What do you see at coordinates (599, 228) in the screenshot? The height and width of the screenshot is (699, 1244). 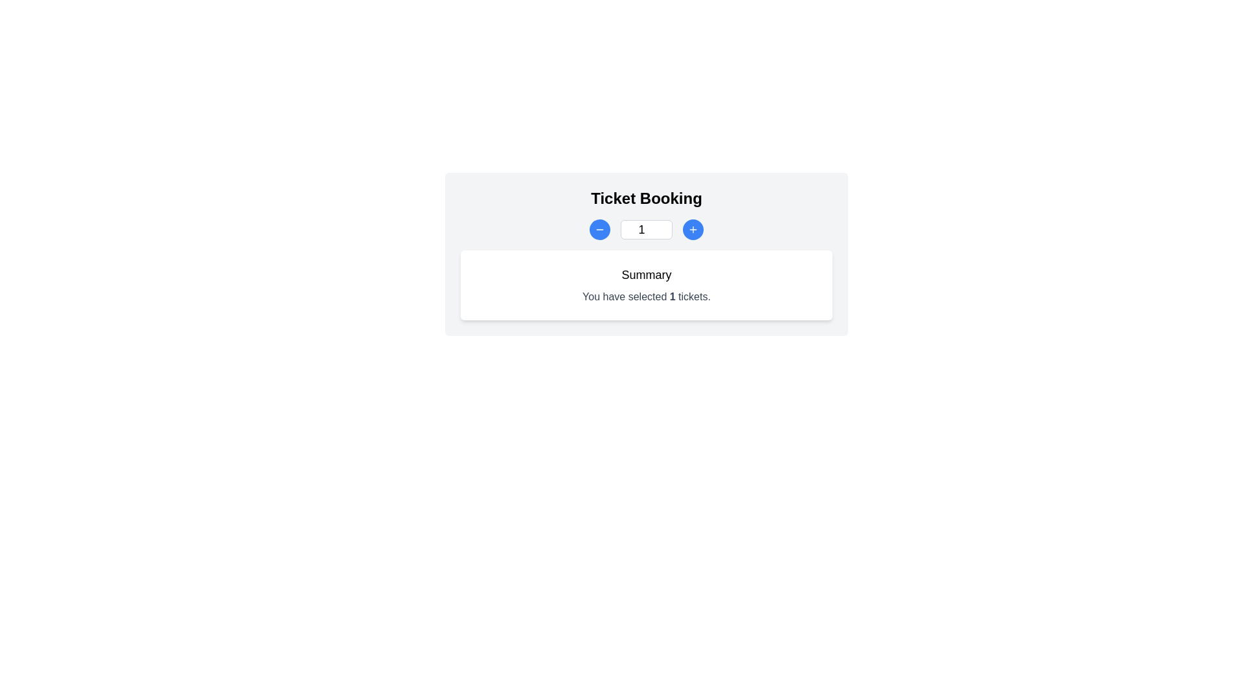 I see `the decrement button located at the leftmost position in the ticket booking interface to decrease the numeric input value by one` at bounding box center [599, 228].